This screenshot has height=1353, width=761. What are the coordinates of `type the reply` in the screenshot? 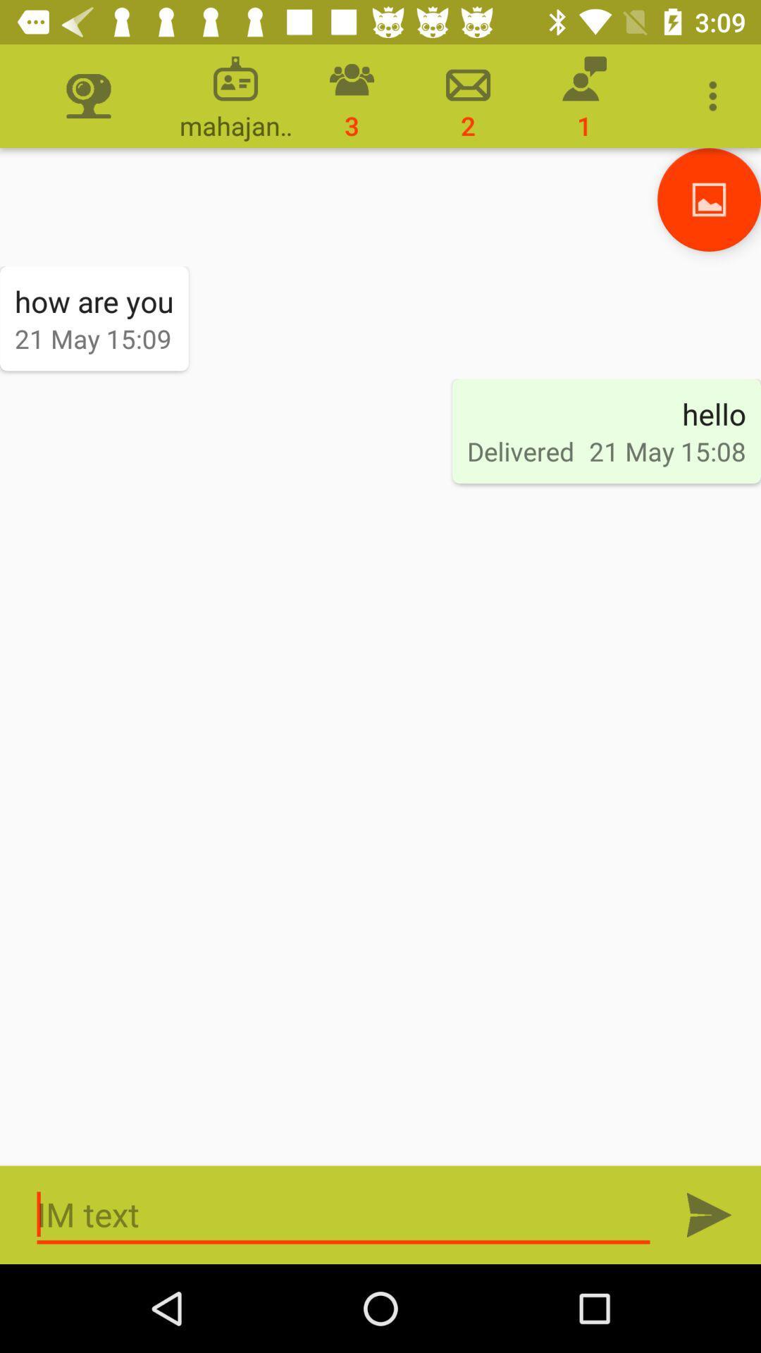 It's located at (343, 1214).